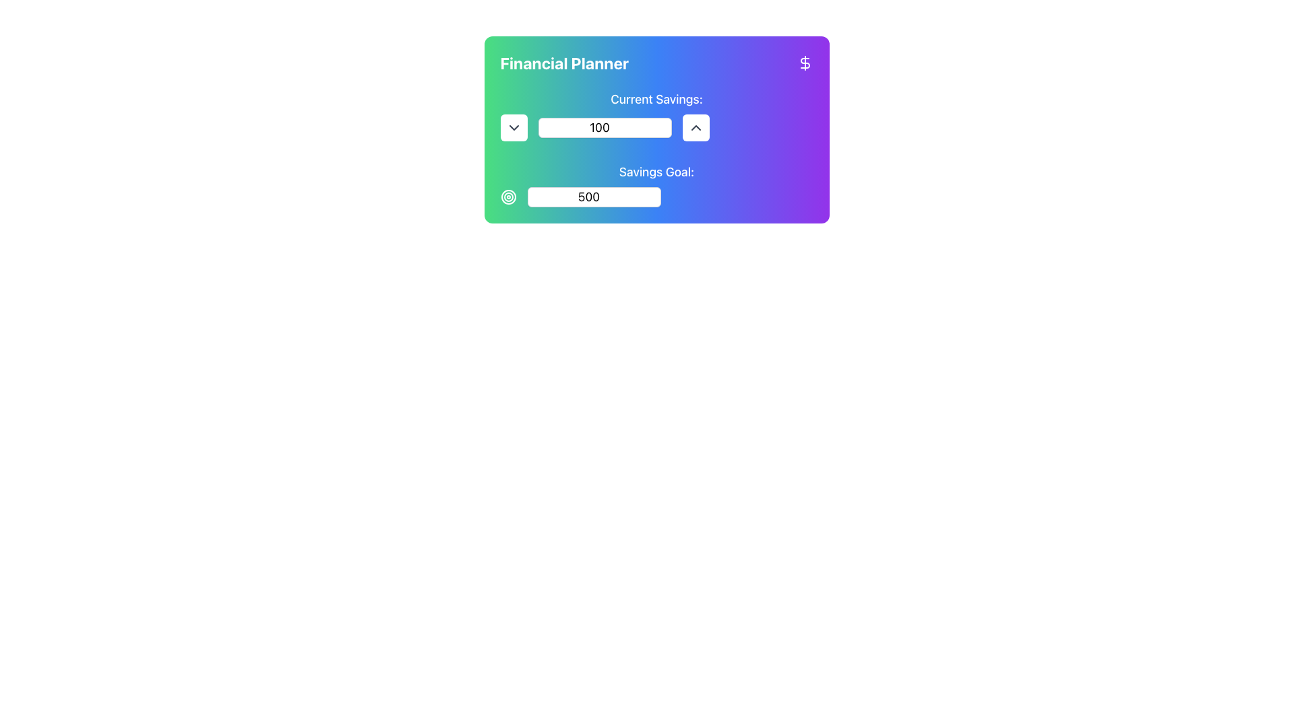 This screenshot has width=1294, height=727. What do you see at coordinates (507, 197) in the screenshot?
I see `the decorative icon representing a goal, located to the left of the 'Savings Goal:' text input field` at bounding box center [507, 197].